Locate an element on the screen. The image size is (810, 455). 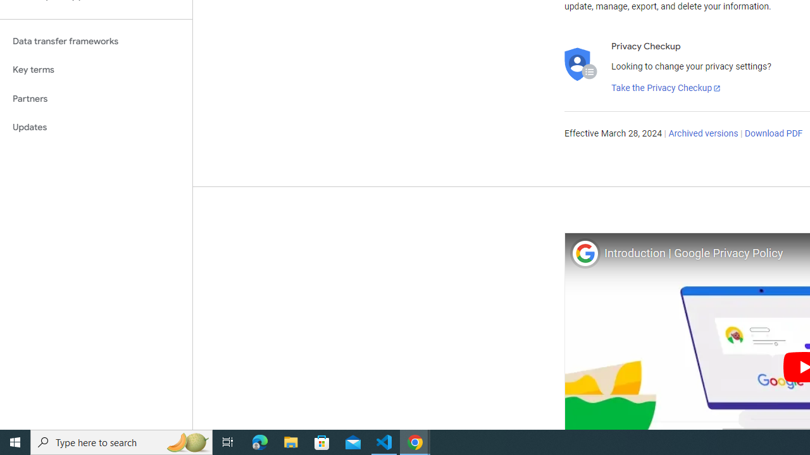
'Key terms' is located at coordinates (96, 70).